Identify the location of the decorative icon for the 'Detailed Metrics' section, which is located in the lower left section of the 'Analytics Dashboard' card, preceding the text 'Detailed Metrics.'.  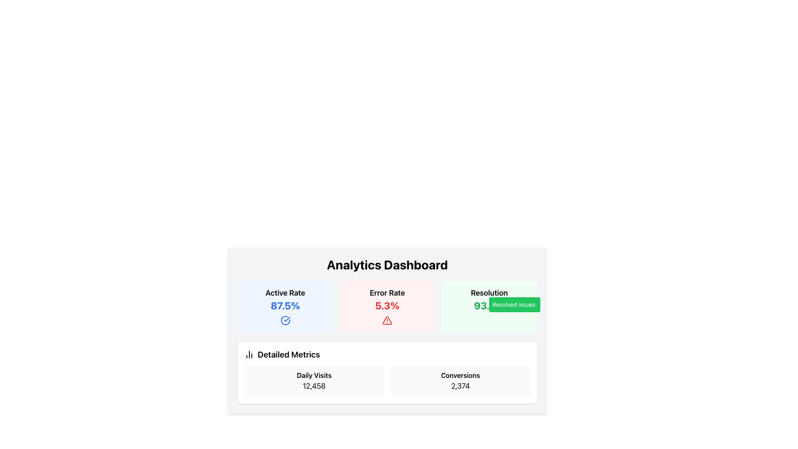
(249, 354).